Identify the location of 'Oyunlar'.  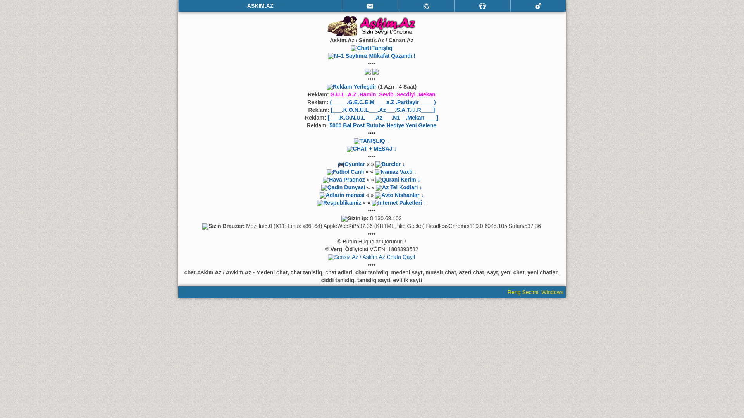
(352, 164).